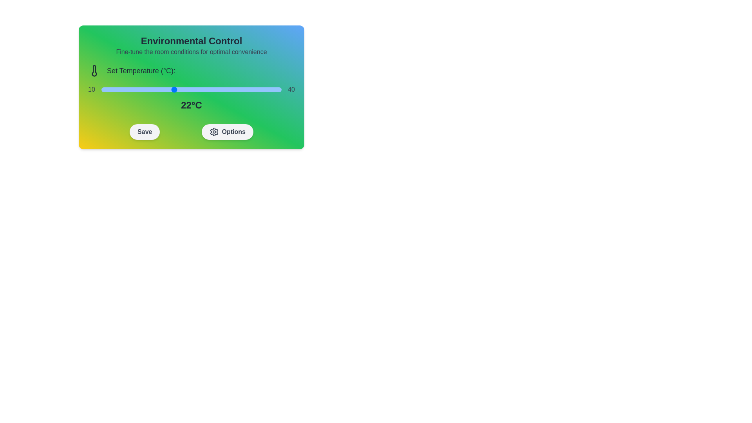 Image resolution: width=752 pixels, height=423 pixels. Describe the element at coordinates (192, 52) in the screenshot. I see `the static text descriptor located beneath the title 'Environmental Control', which provides guidance about the settings below` at that location.